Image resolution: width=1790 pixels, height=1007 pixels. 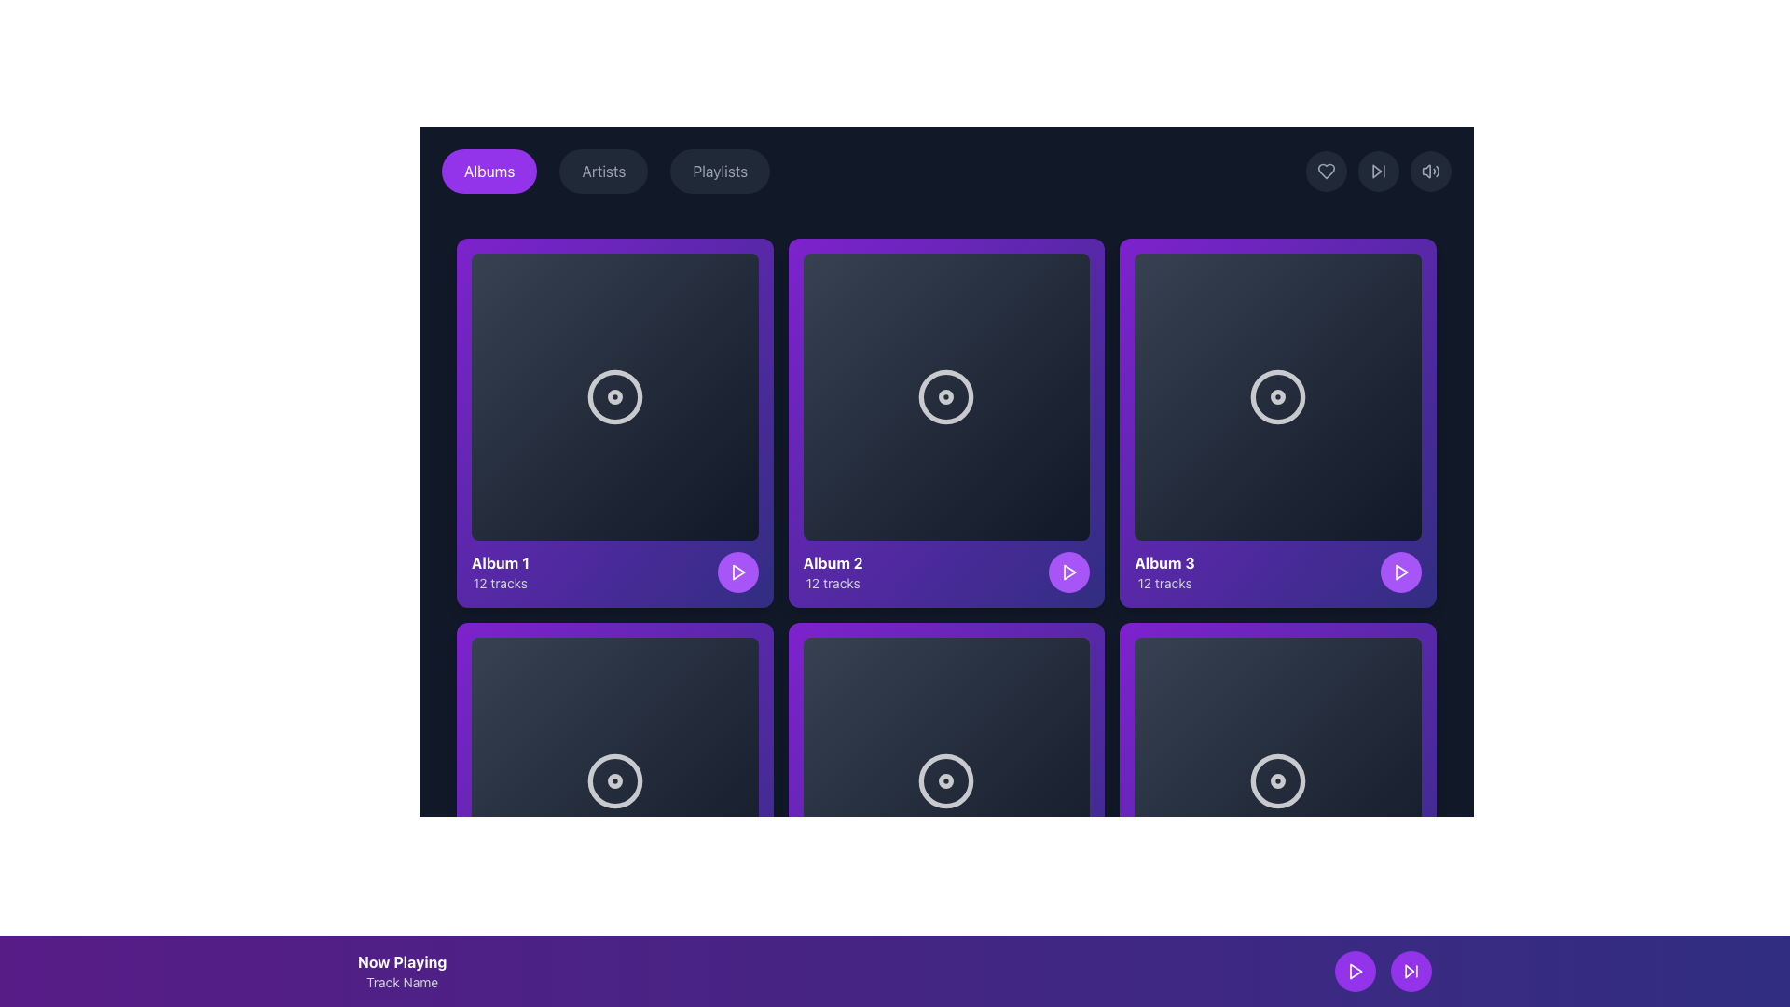 I want to click on the small circle icon located at the center of the sixth card in the grid layout, which is part of the second row and third column, so click(x=946, y=780).